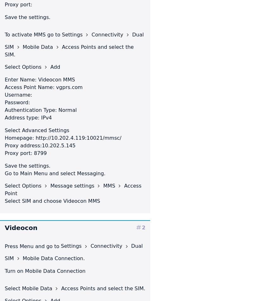  What do you see at coordinates (58, 145) in the screenshot?
I see `'10.202.5.145'` at bounding box center [58, 145].